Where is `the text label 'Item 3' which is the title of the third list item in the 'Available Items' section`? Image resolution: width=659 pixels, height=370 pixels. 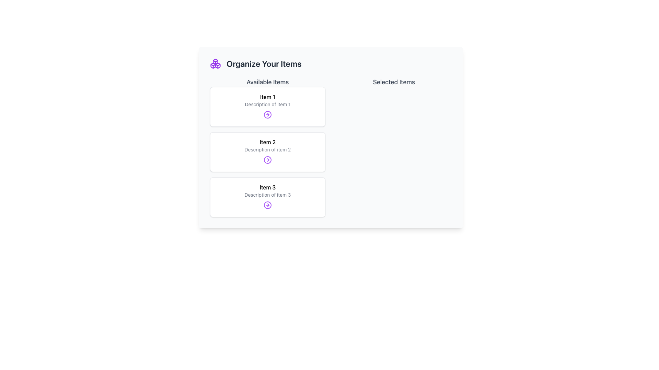
the text label 'Item 3' which is the title of the third list item in the 'Available Items' section is located at coordinates (267, 187).